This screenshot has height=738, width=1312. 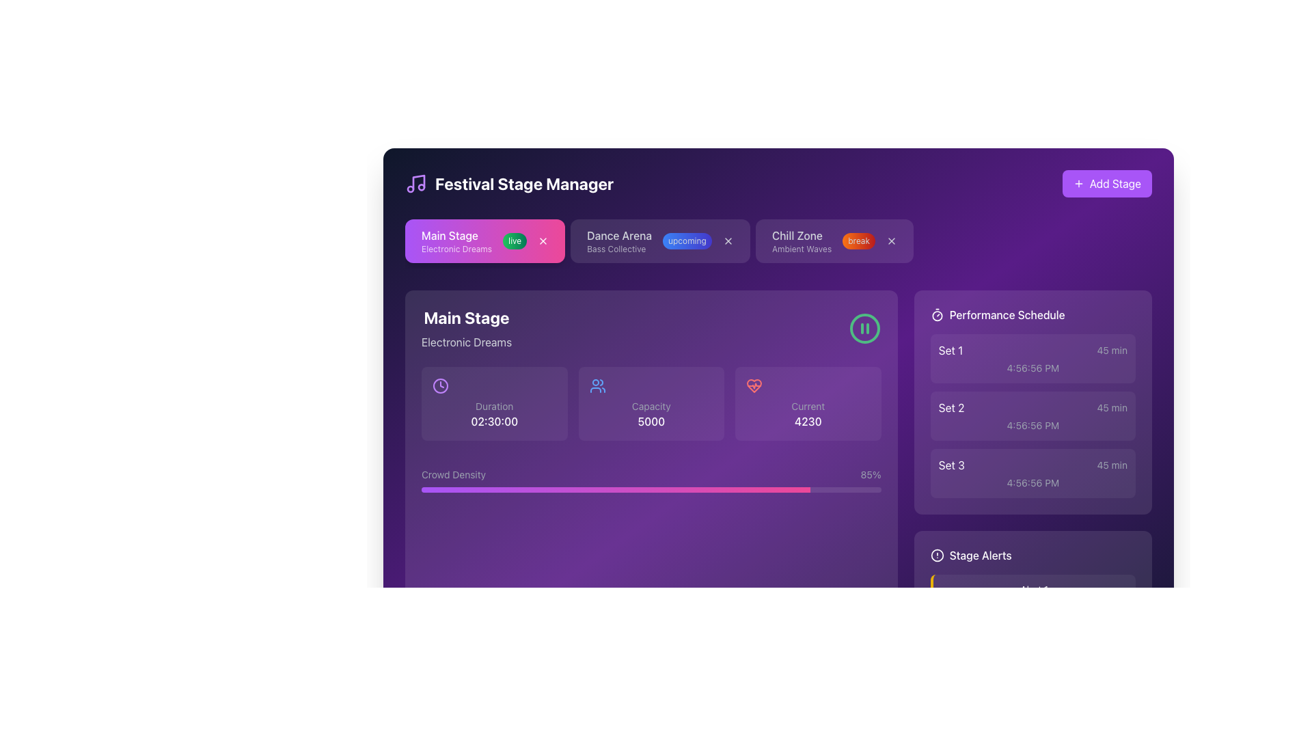 I want to click on the title or status badge of the Interactive card located in the top row, third card from the left, so click(x=834, y=241).